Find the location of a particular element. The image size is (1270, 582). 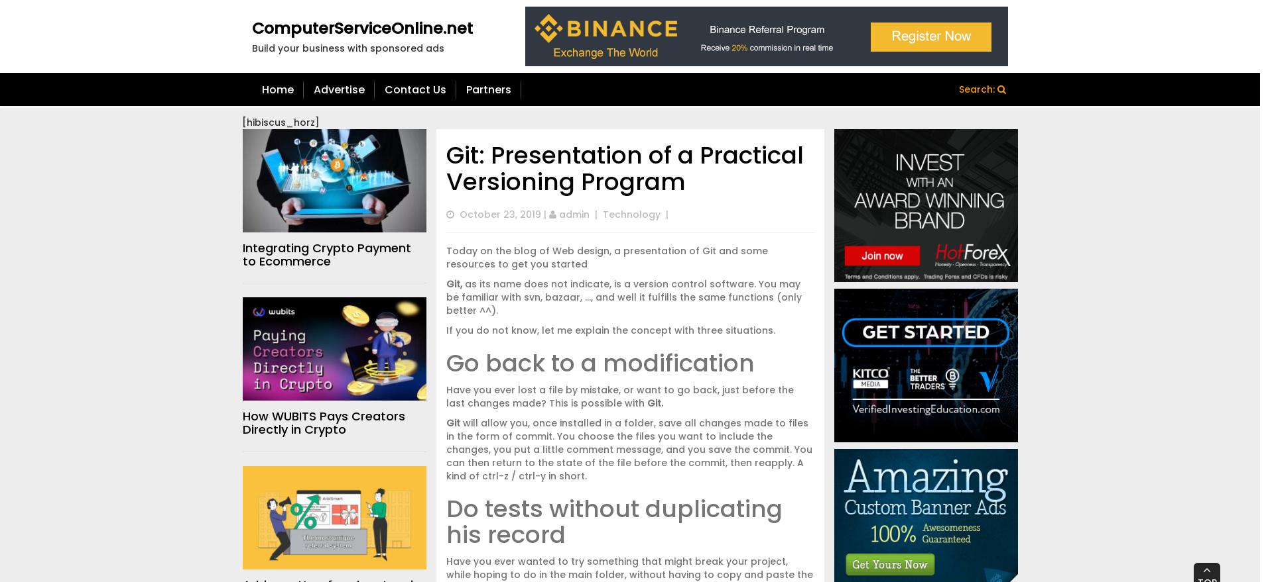

'as its name does not indicate, is a version control software.' is located at coordinates (607, 283).